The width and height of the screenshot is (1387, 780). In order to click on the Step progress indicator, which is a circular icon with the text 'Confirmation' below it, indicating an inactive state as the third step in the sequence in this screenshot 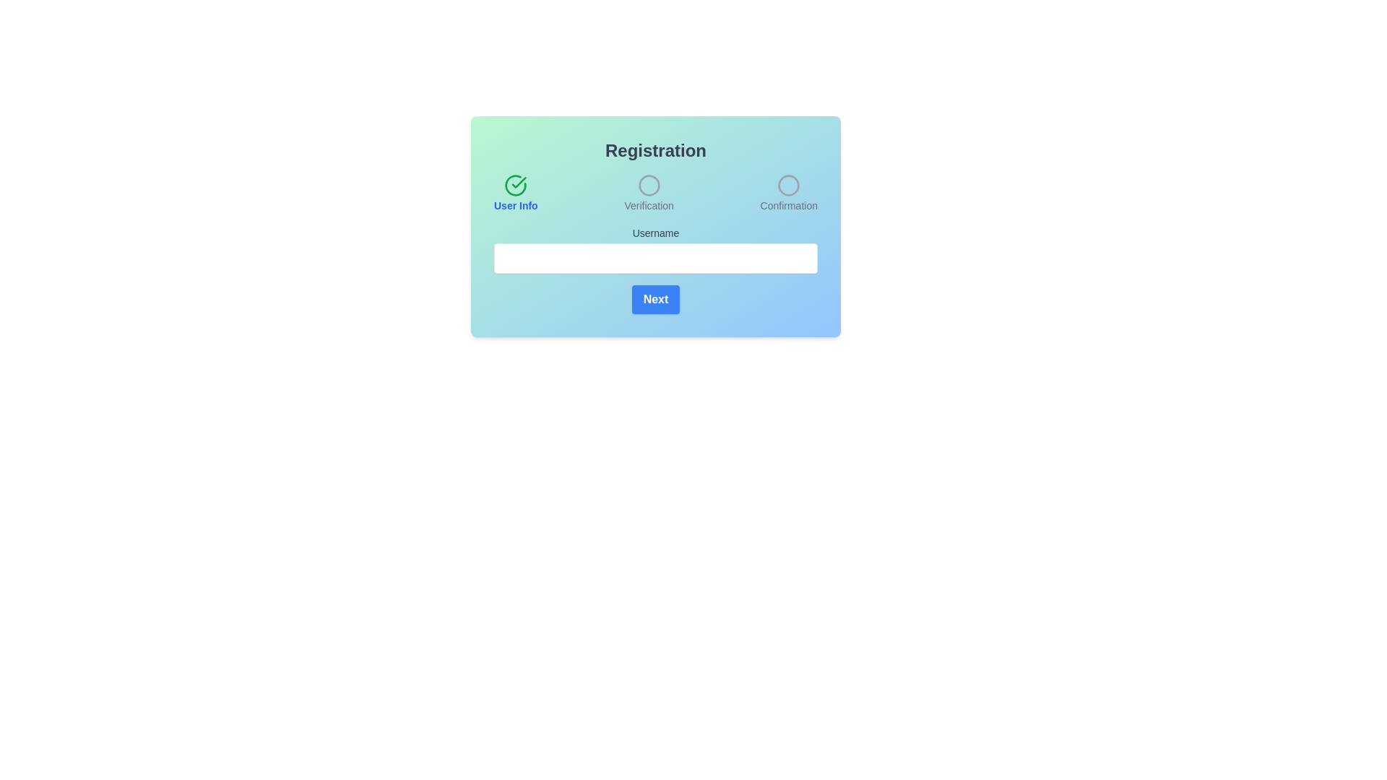, I will do `click(788, 194)`.